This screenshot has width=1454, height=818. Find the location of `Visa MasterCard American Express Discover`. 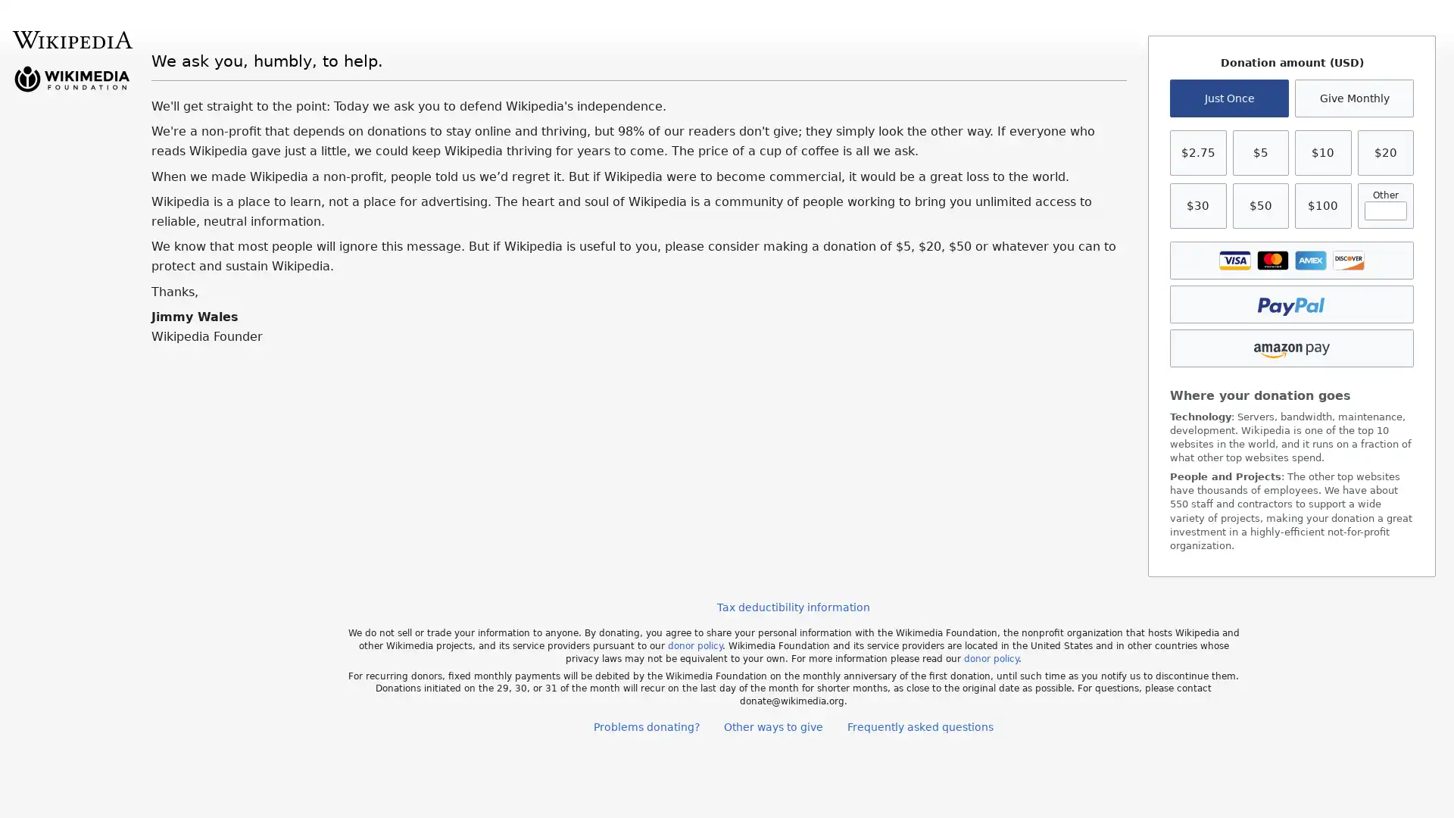

Visa MasterCard American Express Discover is located at coordinates (1290, 259).